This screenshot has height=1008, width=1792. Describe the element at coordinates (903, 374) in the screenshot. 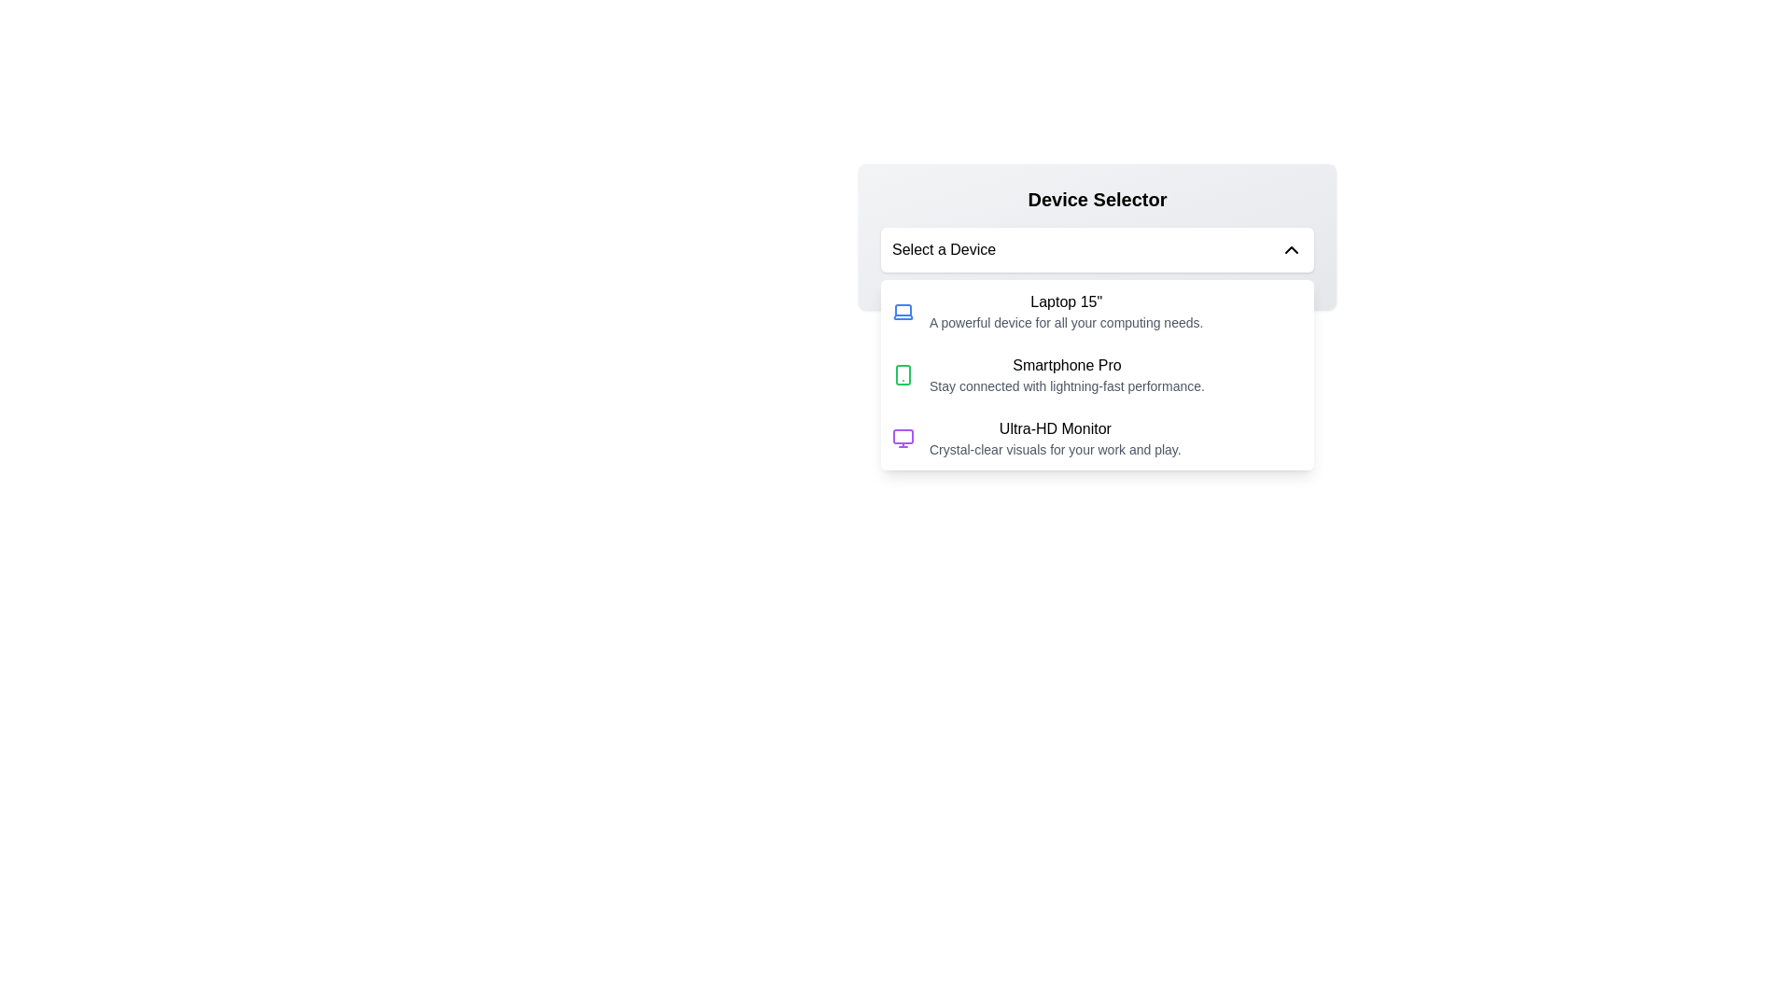

I see `the details associated with the green smartphone icon located to the left of the text 'Smartphone Pro Stay connected with lightning-fast performance.' in the 'Device Selector' dropdown` at that location.